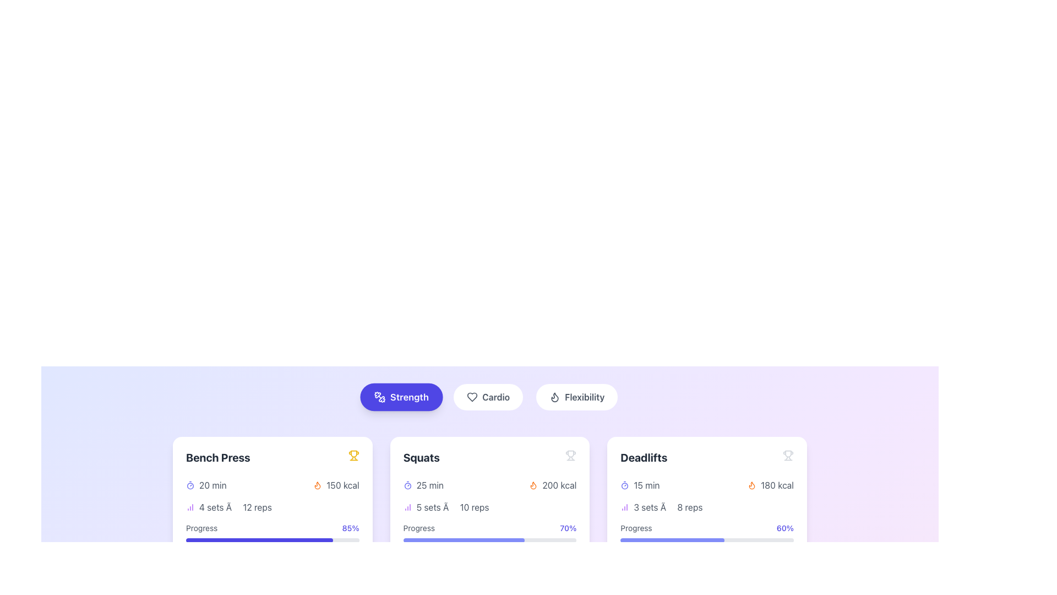 The image size is (1057, 595). I want to click on the middle button labeled 'Cardio', so click(488, 397).